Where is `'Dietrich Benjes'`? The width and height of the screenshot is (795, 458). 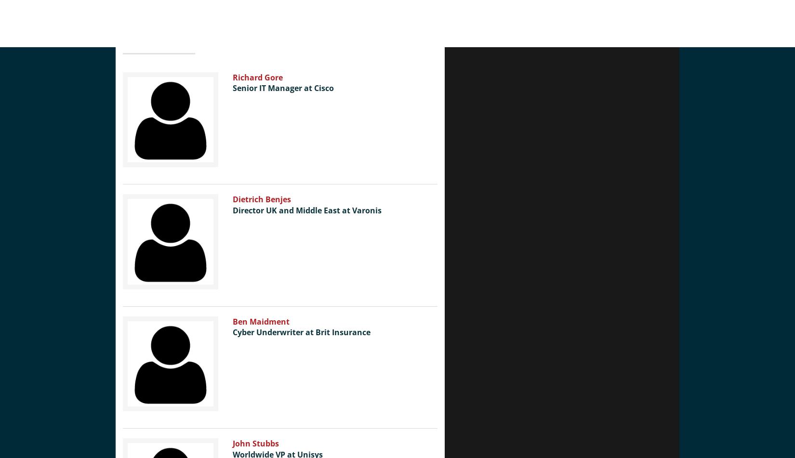
'Dietrich Benjes' is located at coordinates (261, 199).